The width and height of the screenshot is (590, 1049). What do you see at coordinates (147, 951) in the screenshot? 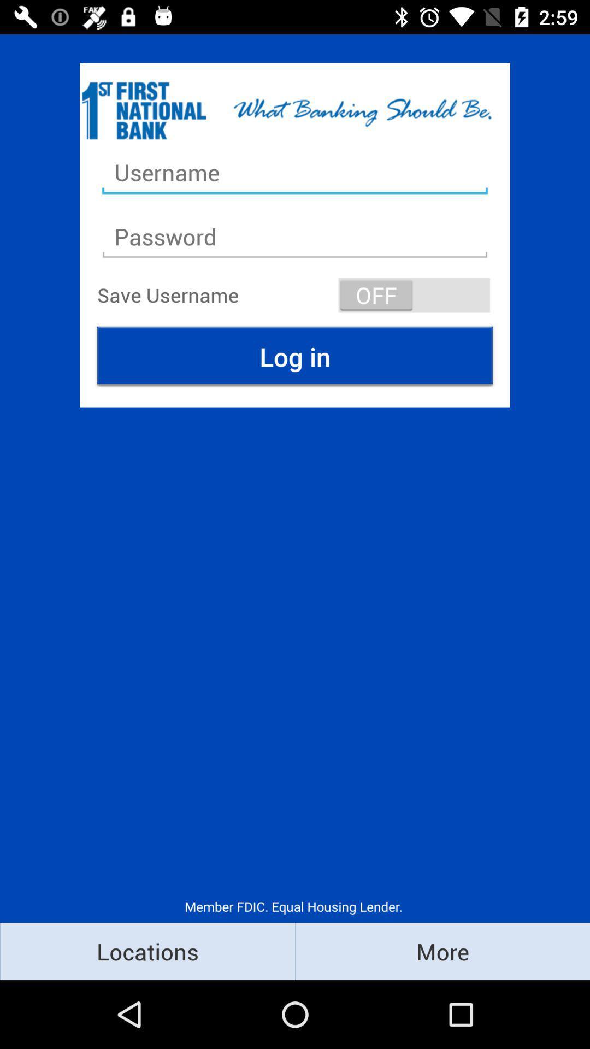
I see `locations icon` at bounding box center [147, 951].